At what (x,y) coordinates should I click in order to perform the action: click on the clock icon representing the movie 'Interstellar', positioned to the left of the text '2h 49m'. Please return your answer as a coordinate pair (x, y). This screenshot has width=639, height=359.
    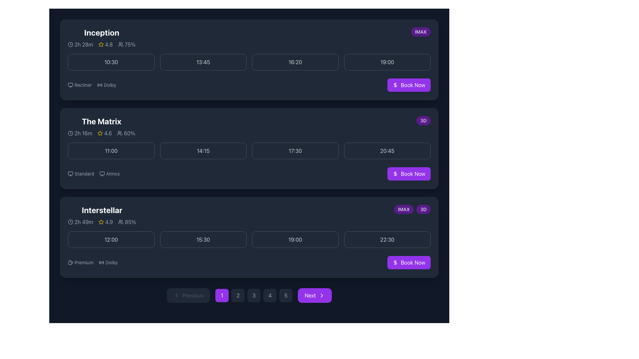
    Looking at the image, I should click on (70, 222).